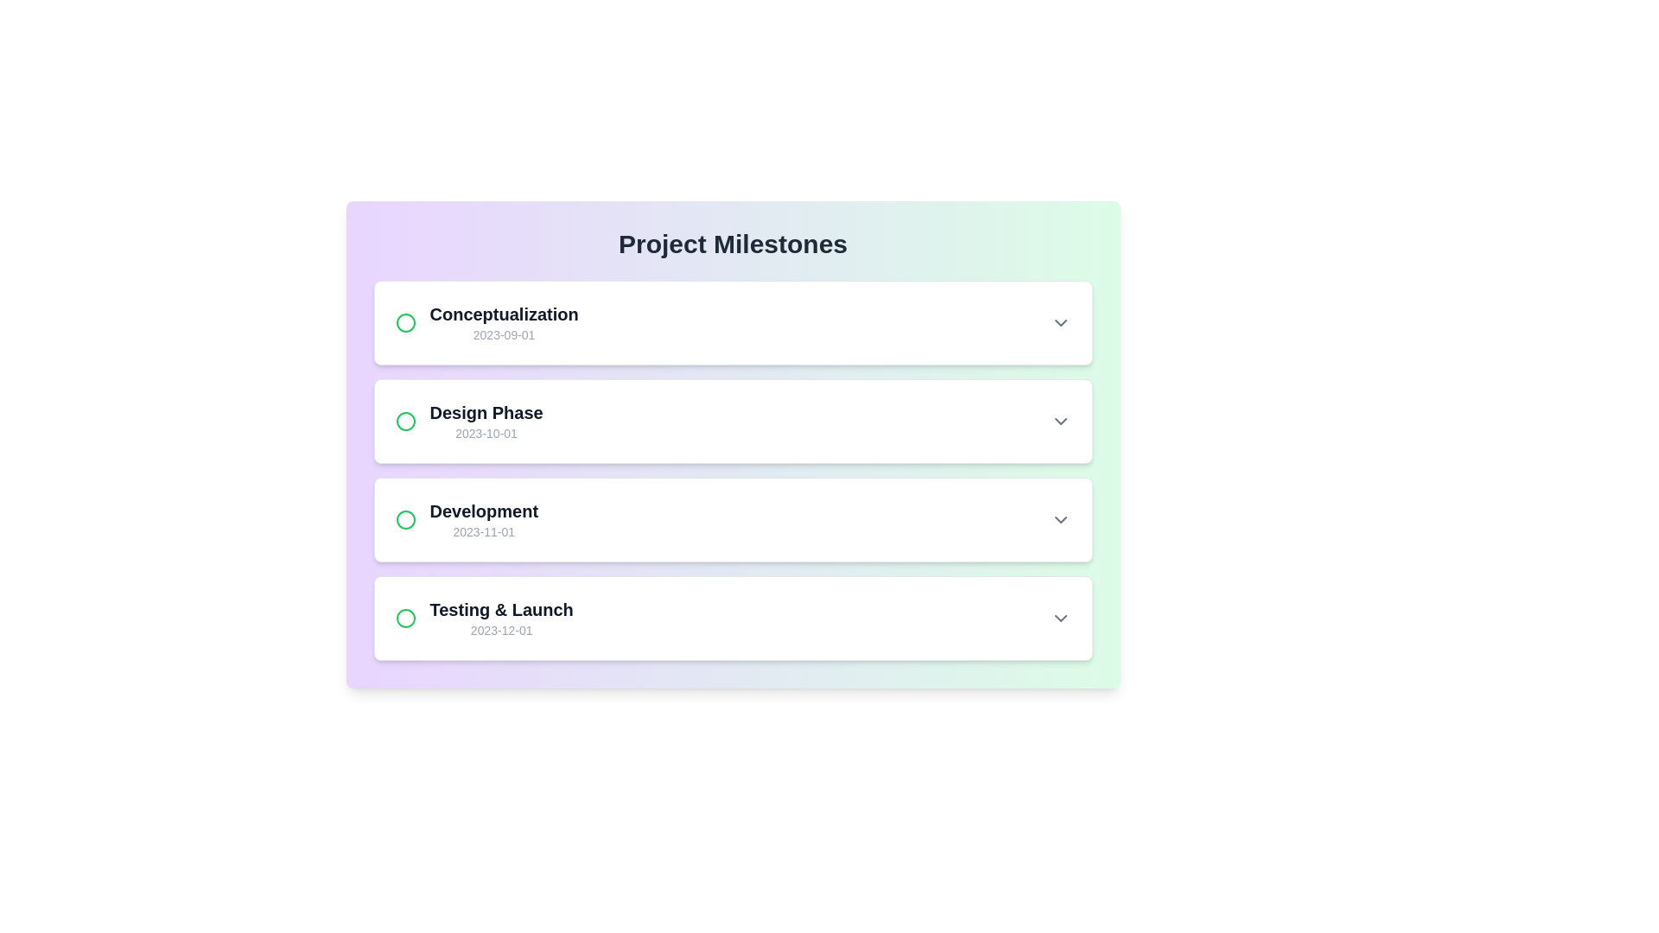  Describe the element at coordinates (486, 432) in the screenshot. I see `the Text Label displaying the date '2023-10-01', which is styled in a smaller font size and gray color, located directly below the 'Design Phase' text` at that location.